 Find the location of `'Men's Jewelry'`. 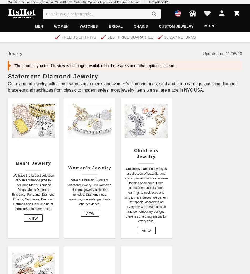

'Men's Jewelry' is located at coordinates (15, 163).